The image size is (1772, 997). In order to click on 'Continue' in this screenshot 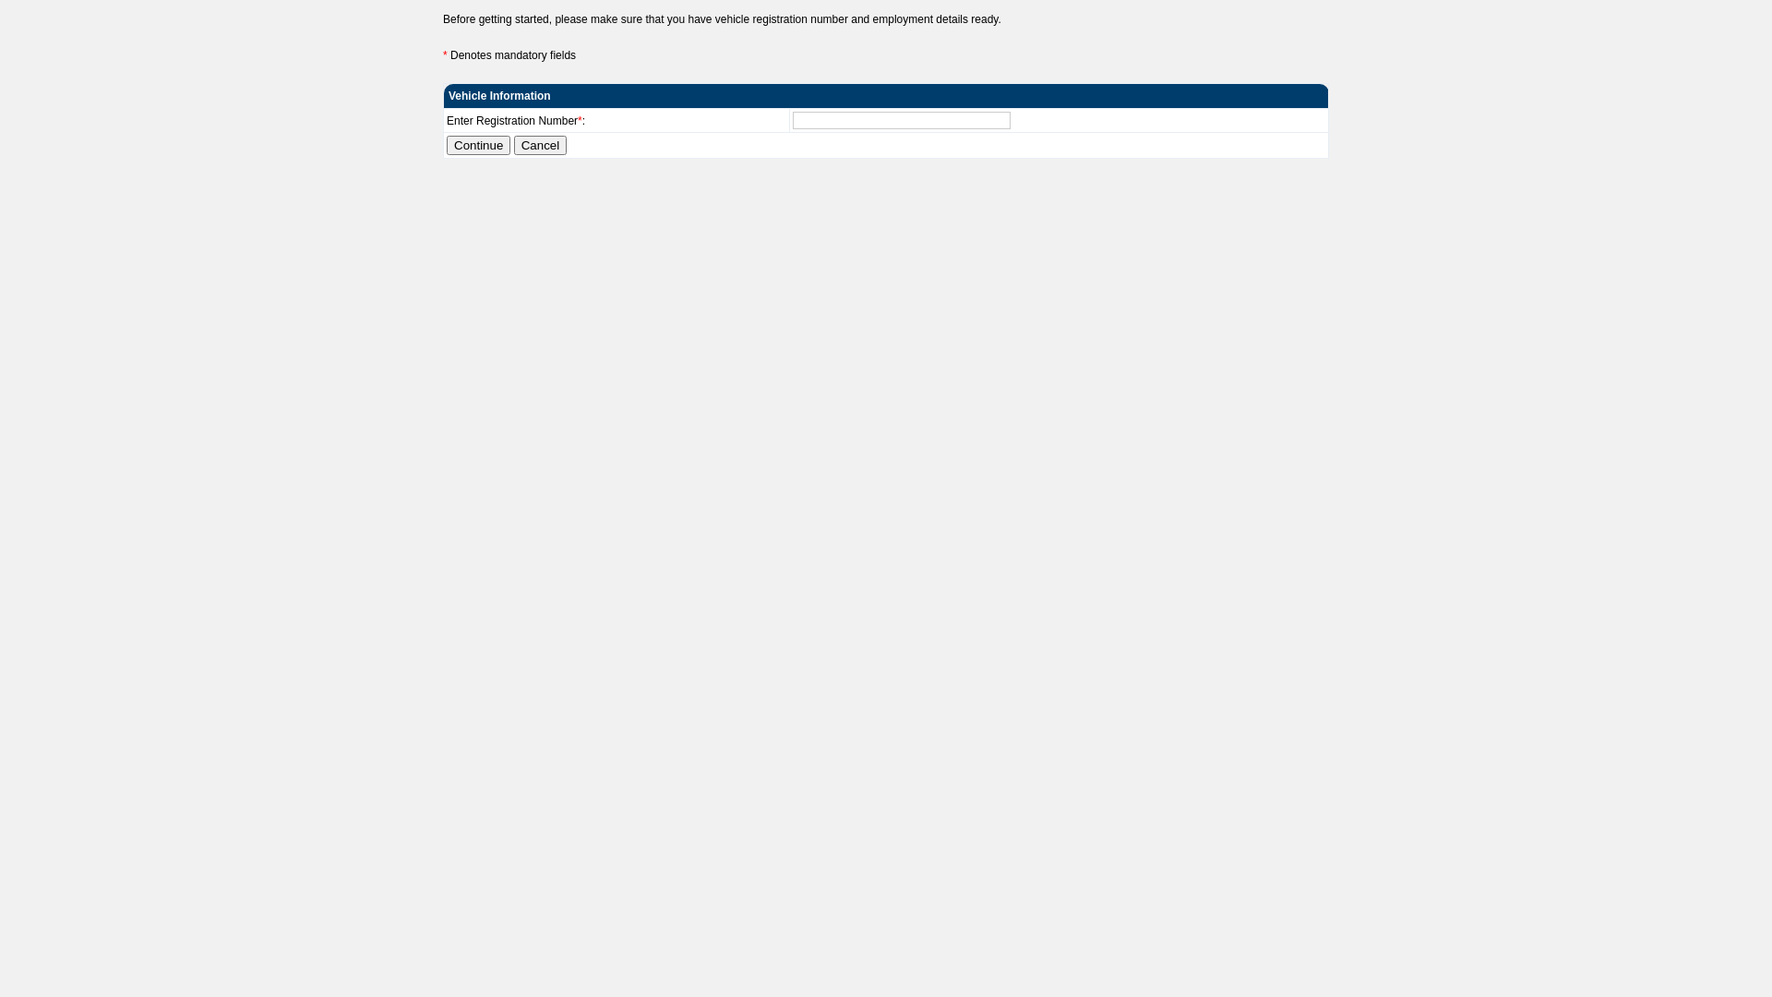, I will do `click(478, 144)`.